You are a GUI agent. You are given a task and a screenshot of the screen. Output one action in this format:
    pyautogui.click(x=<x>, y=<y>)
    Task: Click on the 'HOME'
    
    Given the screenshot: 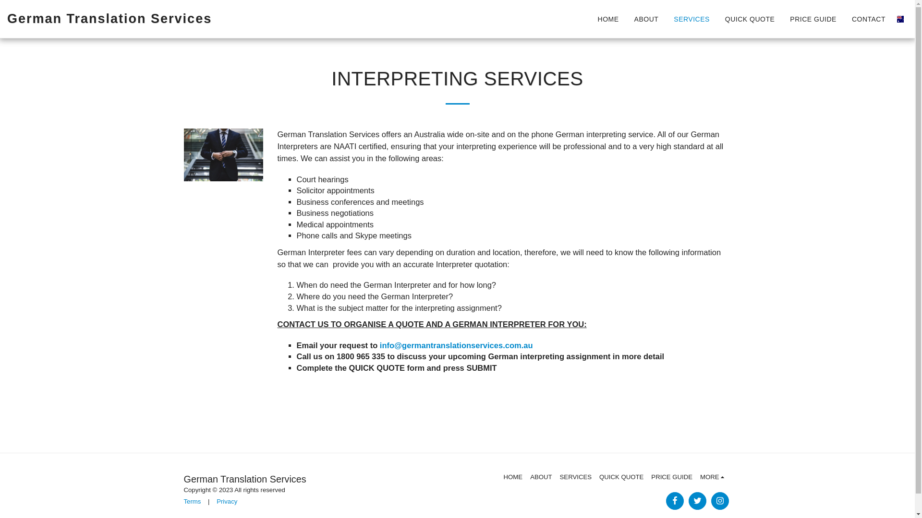 What is the action you would take?
    pyautogui.click(x=590, y=19)
    